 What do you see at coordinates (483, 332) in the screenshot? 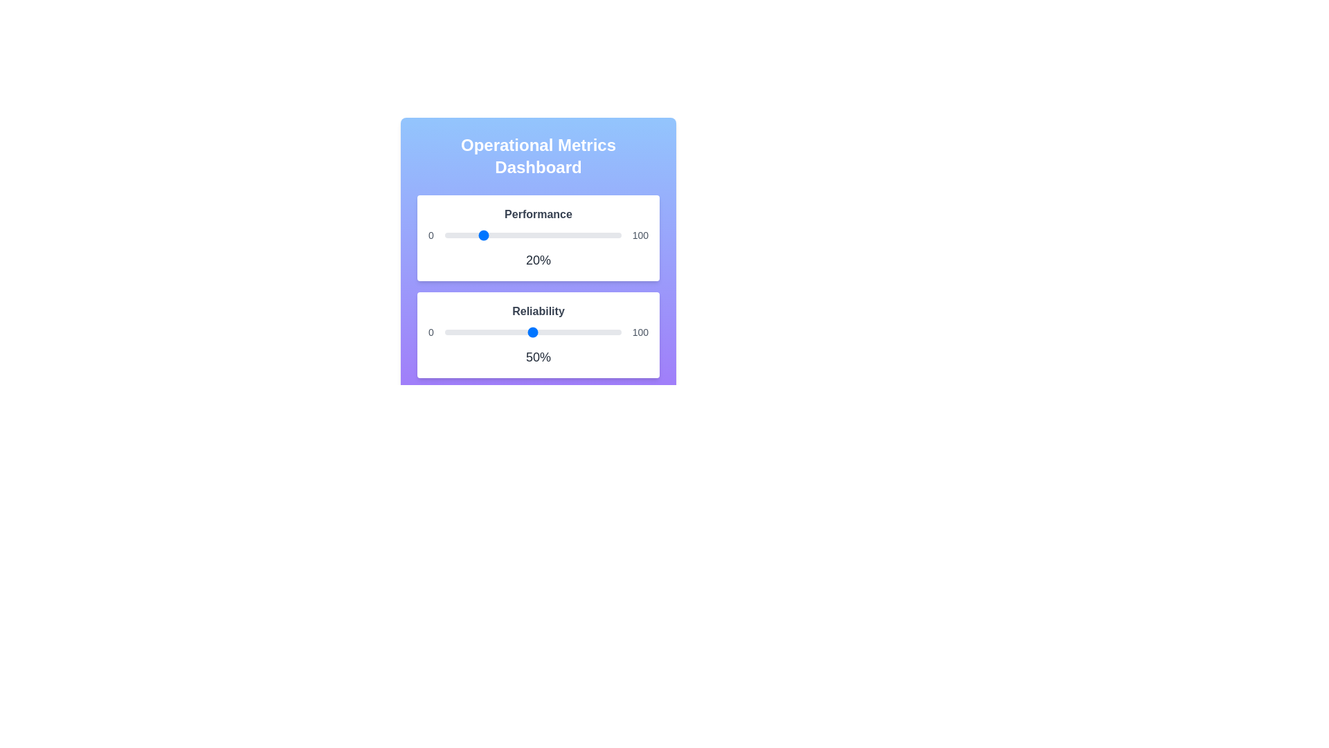
I see `the reliability slider` at bounding box center [483, 332].